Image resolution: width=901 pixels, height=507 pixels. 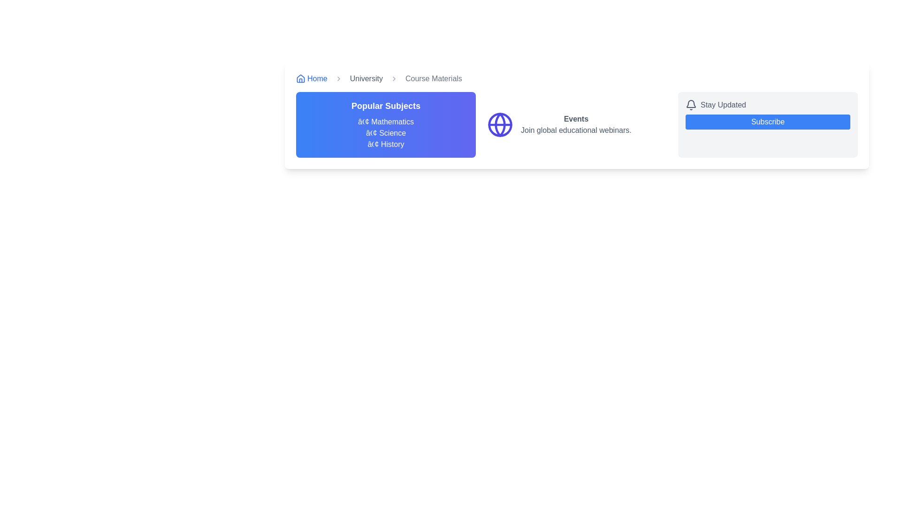 What do you see at coordinates (366, 78) in the screenshot?
I see `the 'University' link in the breadcrumb navigation to change its text color` at bounding box center [366, 78].